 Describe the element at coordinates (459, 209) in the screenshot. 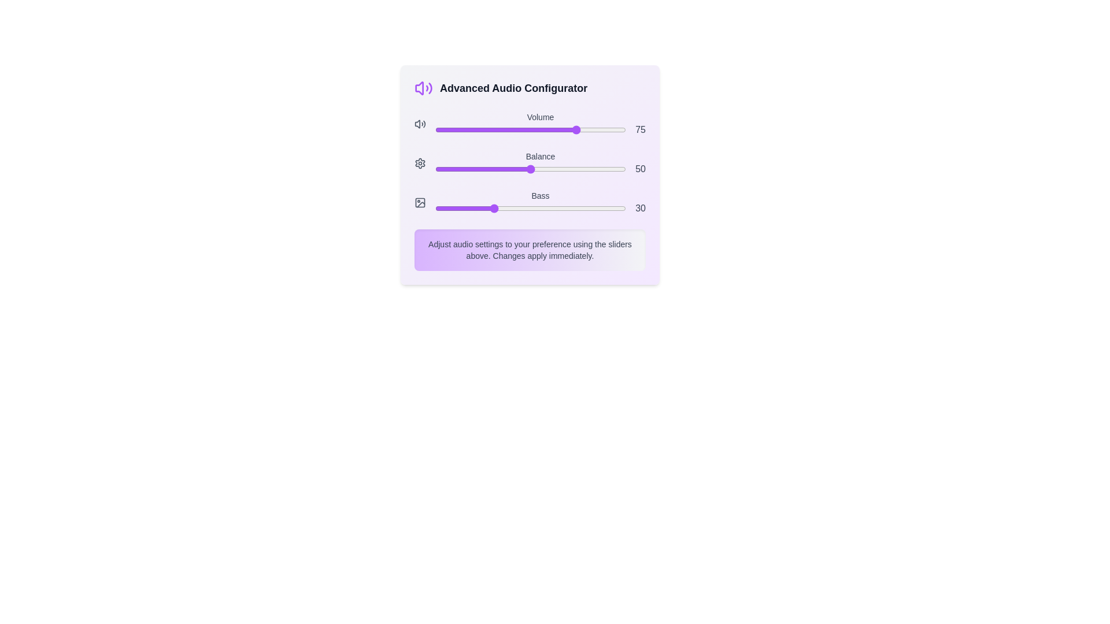

I see `the Bass slider to 13` at that location.